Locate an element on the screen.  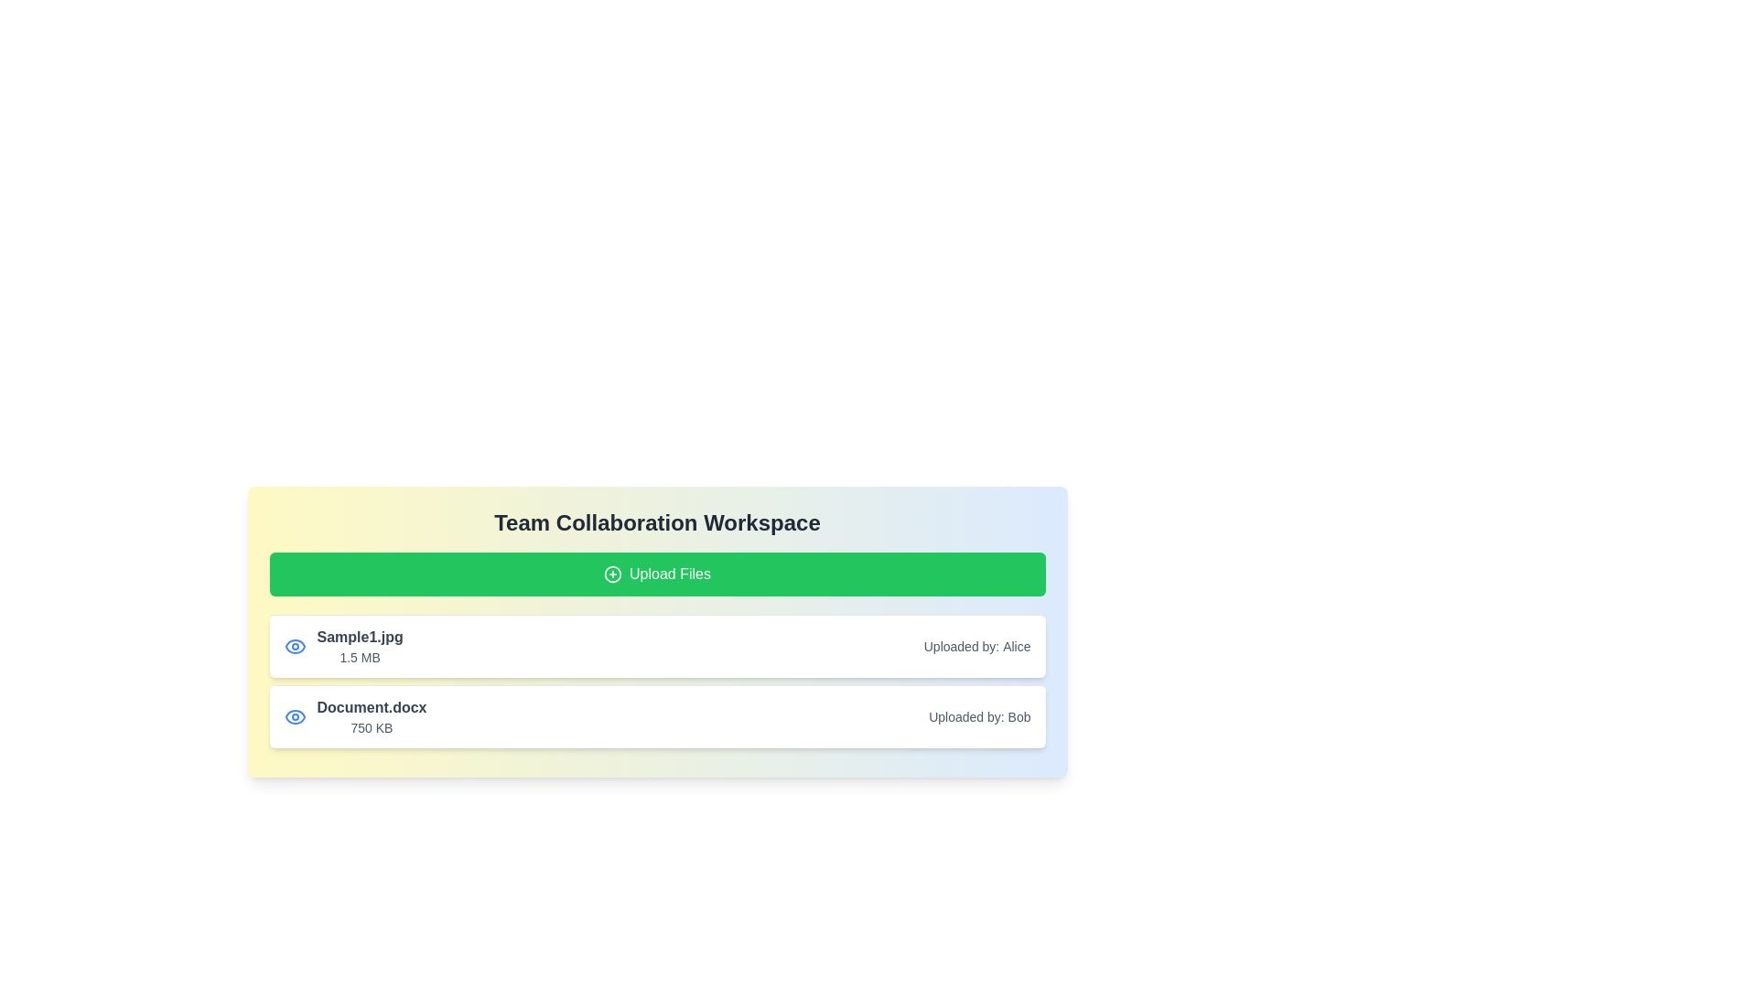
the text label displaying 'Uploaded by: Bob' in the bottom-right corner of the file entry for 'Document.docx' is located at coordinates (978, 715).